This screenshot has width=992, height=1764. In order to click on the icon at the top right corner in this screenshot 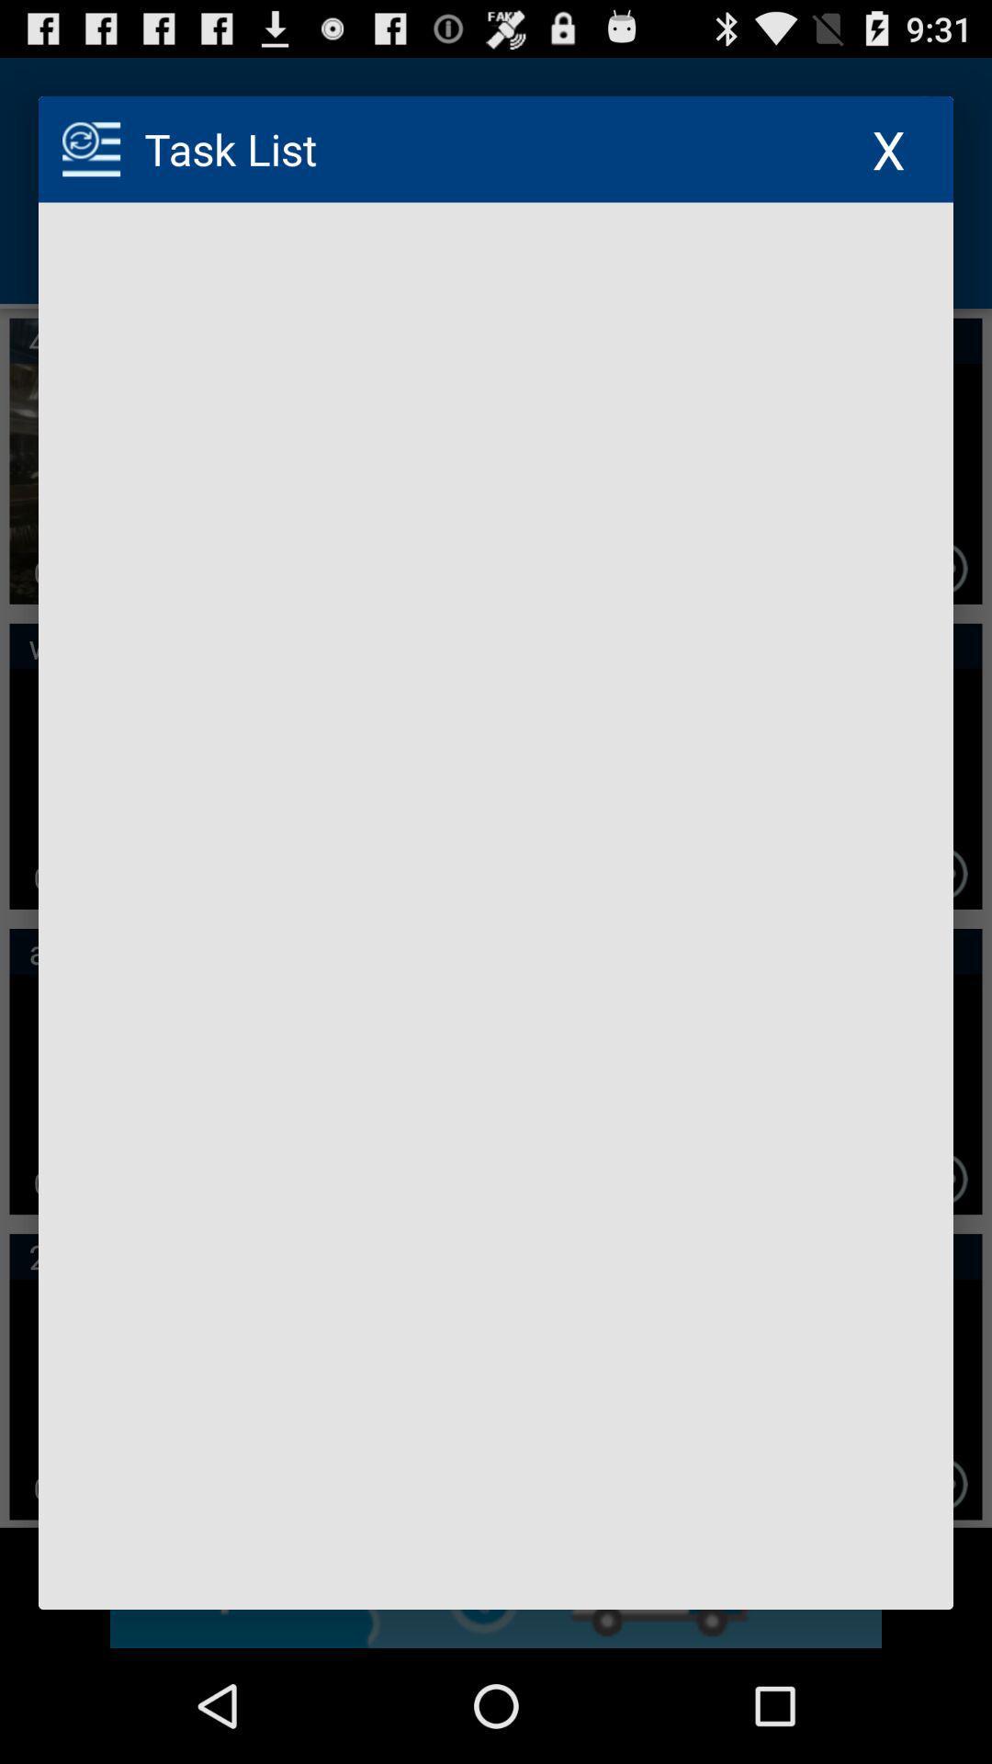, I will do `click(887, 149)`.